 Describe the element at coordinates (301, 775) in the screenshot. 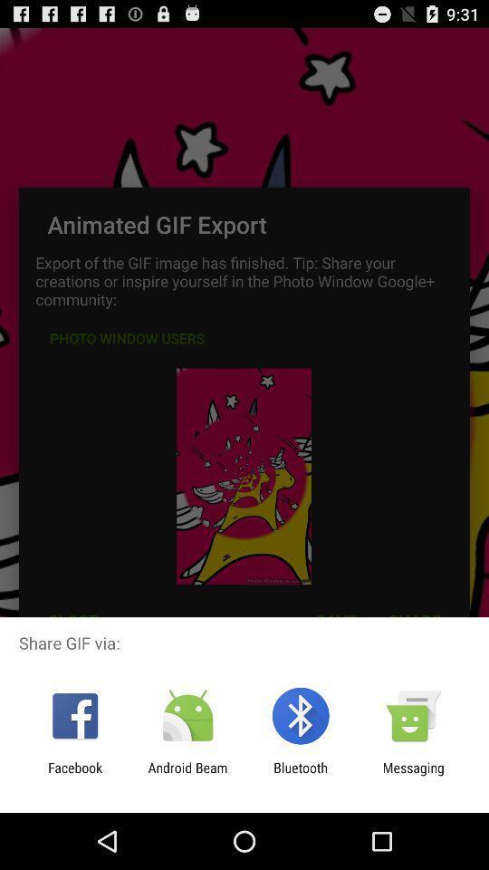

I see `app to the right of the android beam` at that location.